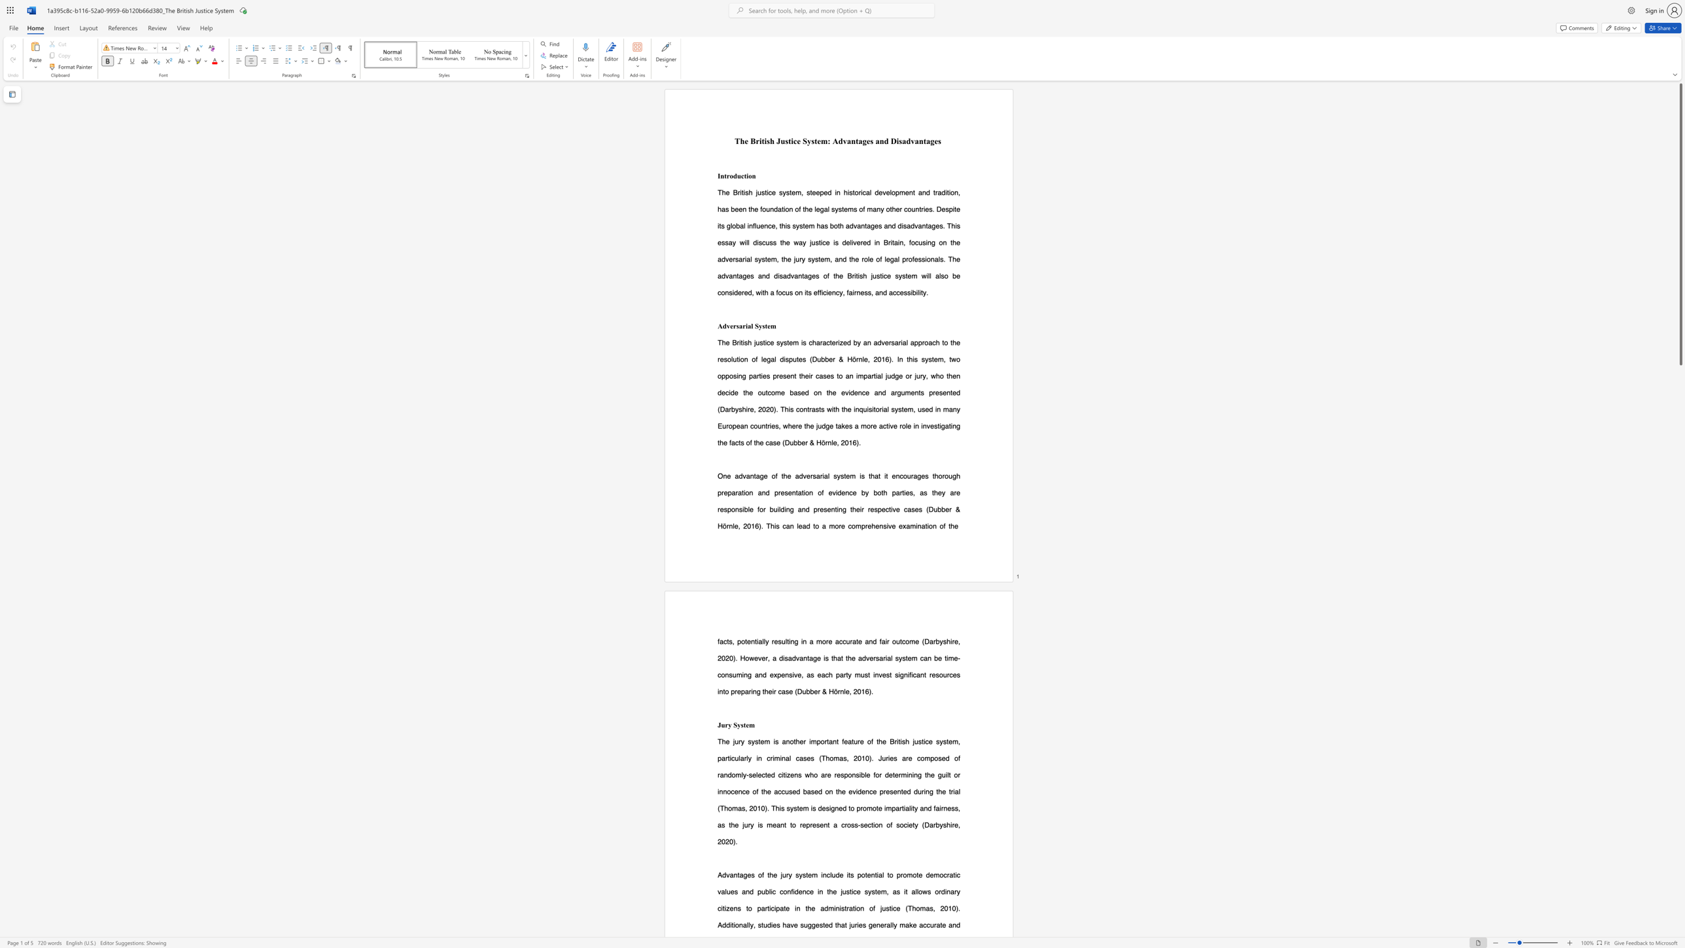 This screenshot has width=1685, height=948. Describe the element at coordinates (1680, 539) in the screenshot. I see `the vertical scrollbar to lower the page content` at that location.